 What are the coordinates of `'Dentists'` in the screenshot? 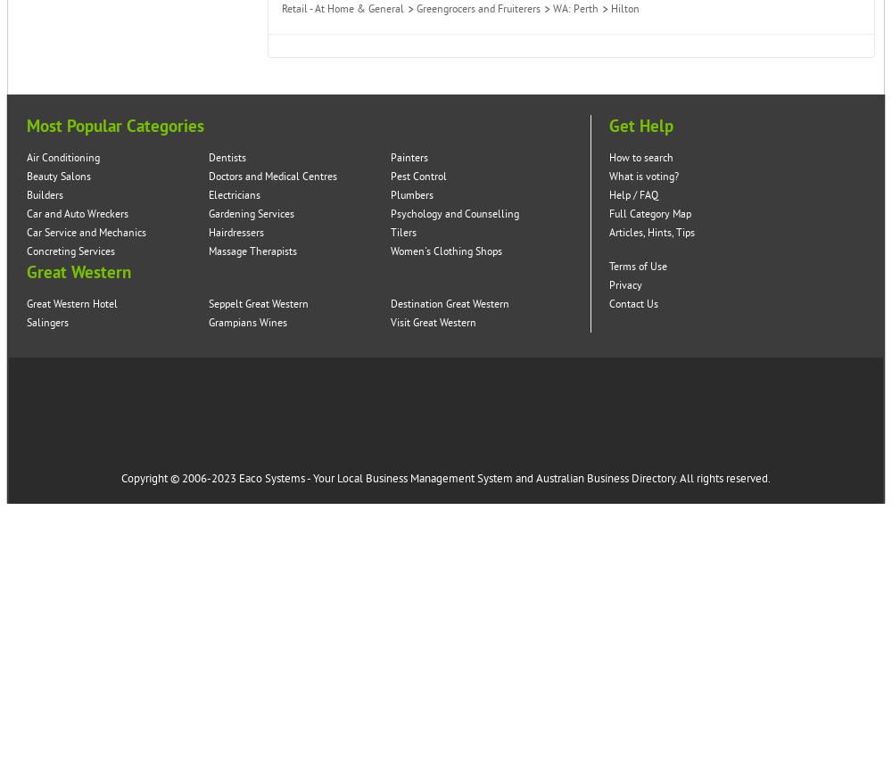 It's located at (227, 158).